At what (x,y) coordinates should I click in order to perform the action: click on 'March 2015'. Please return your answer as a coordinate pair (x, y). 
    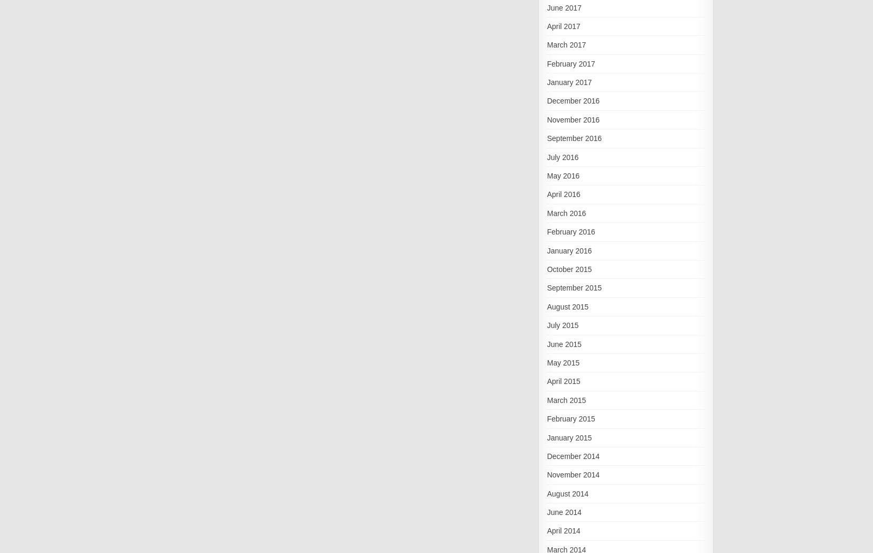
    Looking at the image, I should click on (565, 399).